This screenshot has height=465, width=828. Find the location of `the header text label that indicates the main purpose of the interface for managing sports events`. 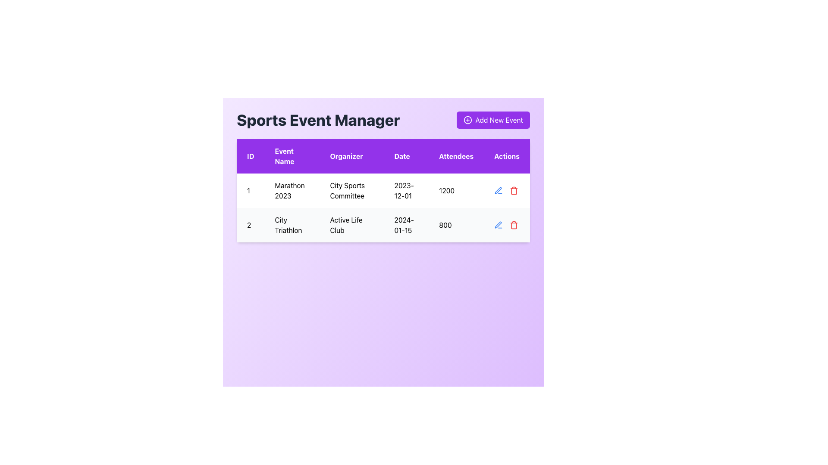

the header text label that indicates the main purpose of the interface for managing sports events is located at coordinates (318, 120).